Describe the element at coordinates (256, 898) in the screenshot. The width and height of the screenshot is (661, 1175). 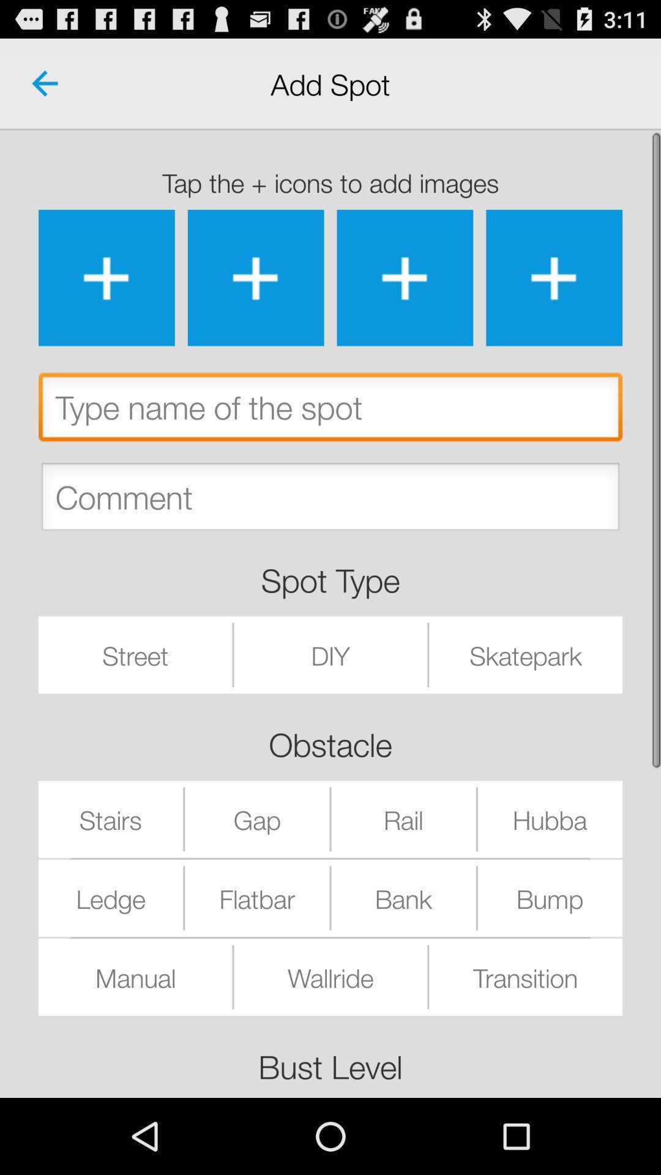
I see `the flatbar` at that location.